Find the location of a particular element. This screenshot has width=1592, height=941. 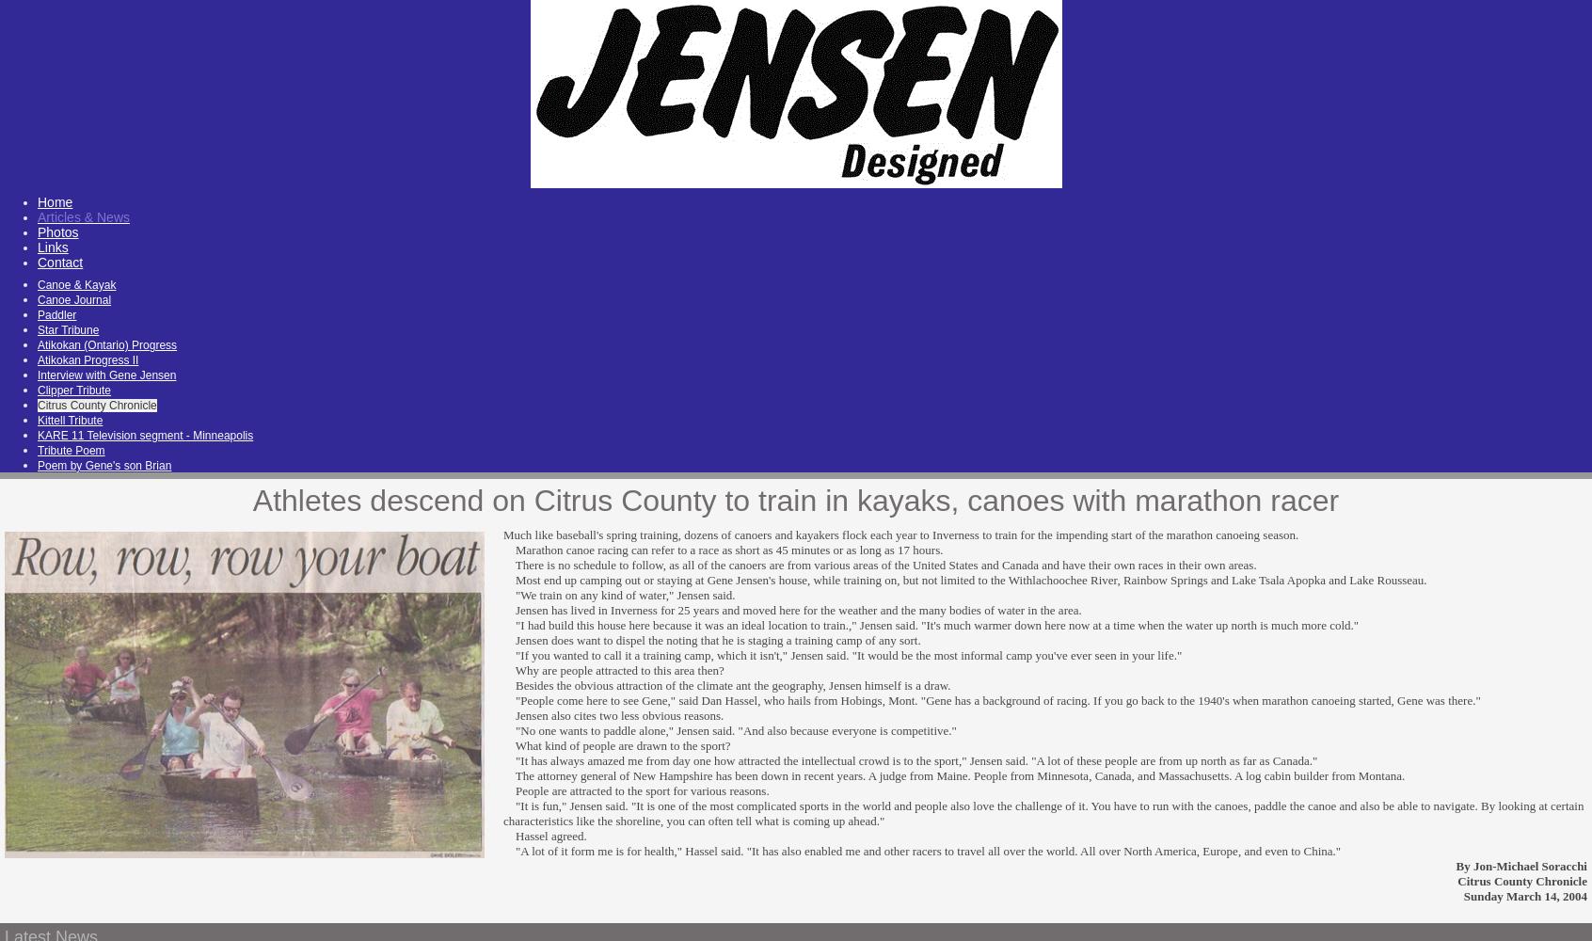

'Articles & News' is located at coordinates (36, 216).